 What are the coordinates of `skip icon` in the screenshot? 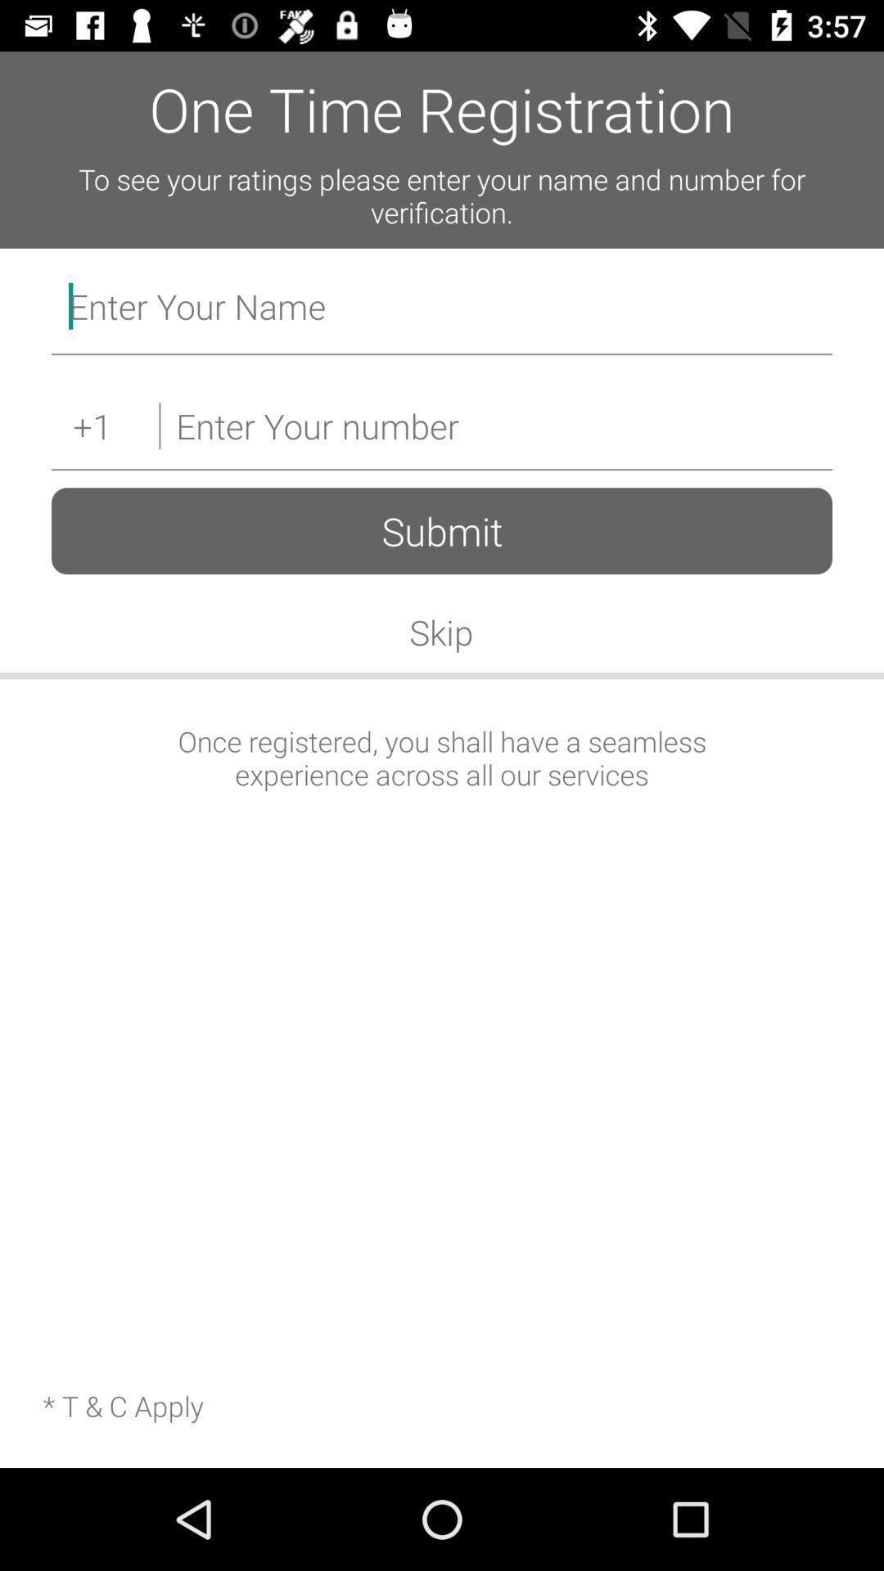 It's located at (440, 631).